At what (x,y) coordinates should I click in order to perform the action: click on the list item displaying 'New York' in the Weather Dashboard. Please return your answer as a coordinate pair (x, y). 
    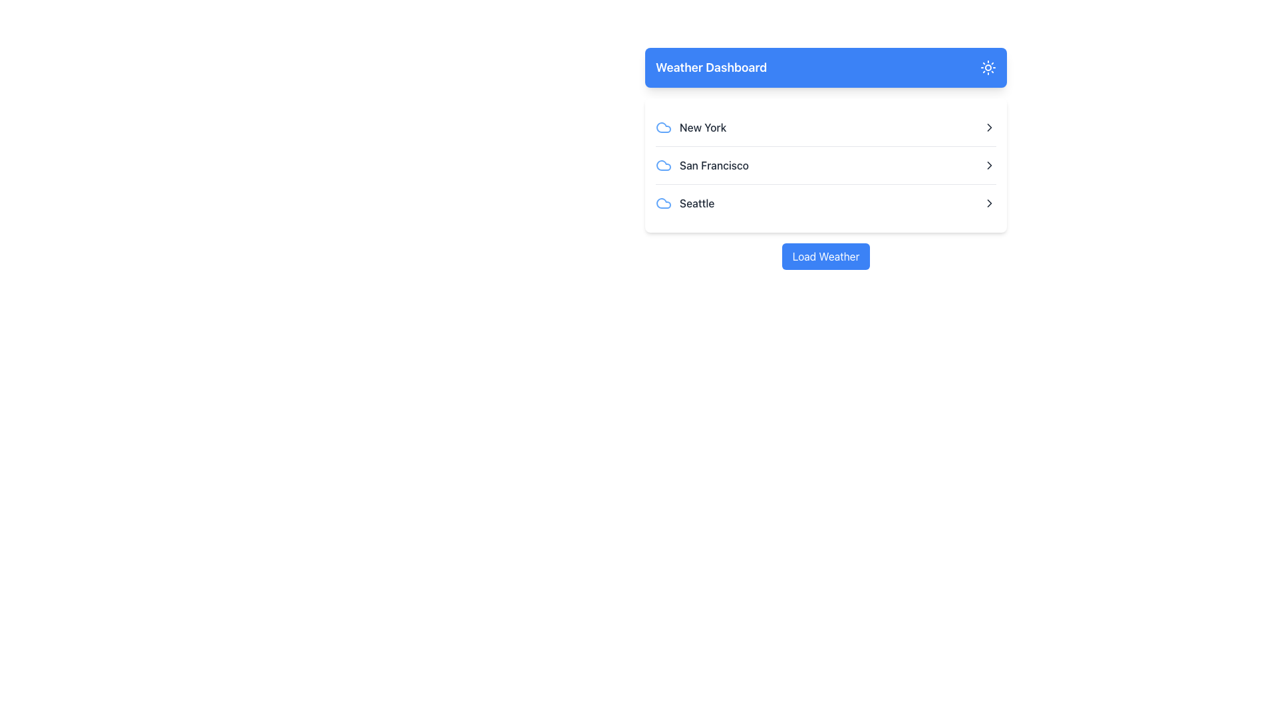
    Looking at the image, I should click on (825, 128).